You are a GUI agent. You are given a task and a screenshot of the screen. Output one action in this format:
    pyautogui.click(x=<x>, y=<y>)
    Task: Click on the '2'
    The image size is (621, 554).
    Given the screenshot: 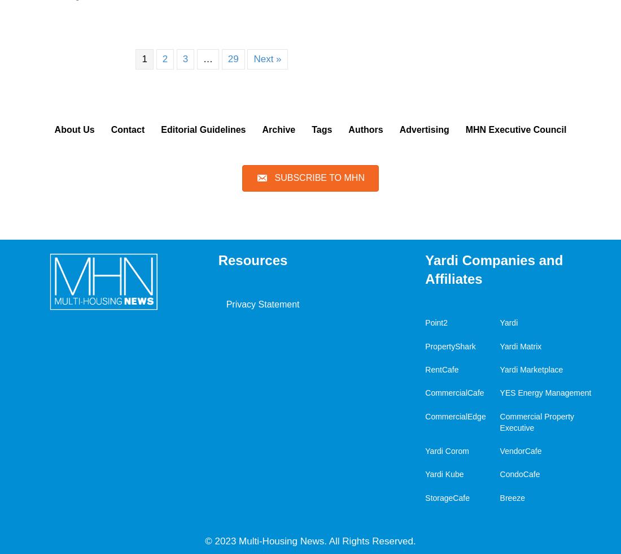 What is the action you would take?
    pyautogui.click(x=161, y=58)
    